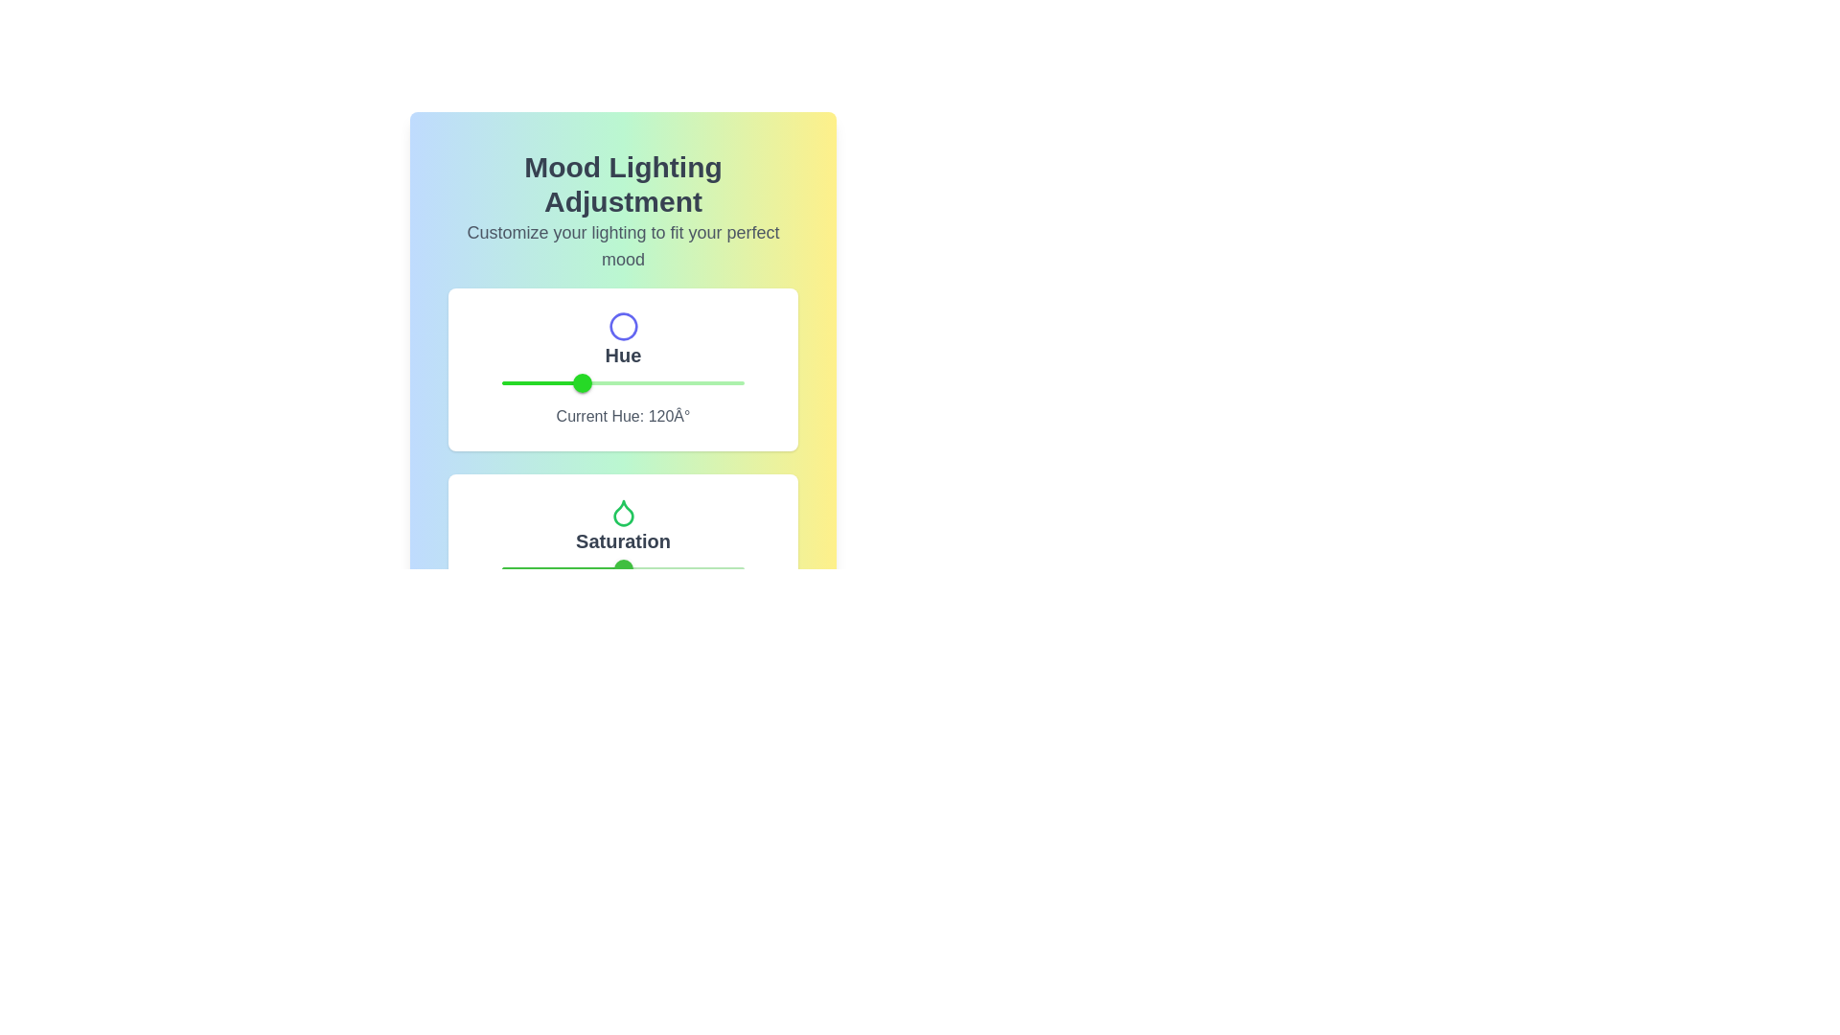  Describe the element at coordinates (581, 568) in the screenshot. I see `the slider` at that location.